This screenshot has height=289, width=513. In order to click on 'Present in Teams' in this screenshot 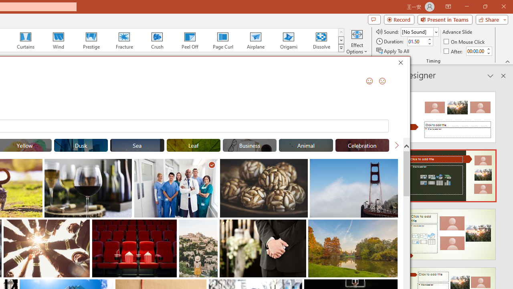, I will do `click(444, 19)`.